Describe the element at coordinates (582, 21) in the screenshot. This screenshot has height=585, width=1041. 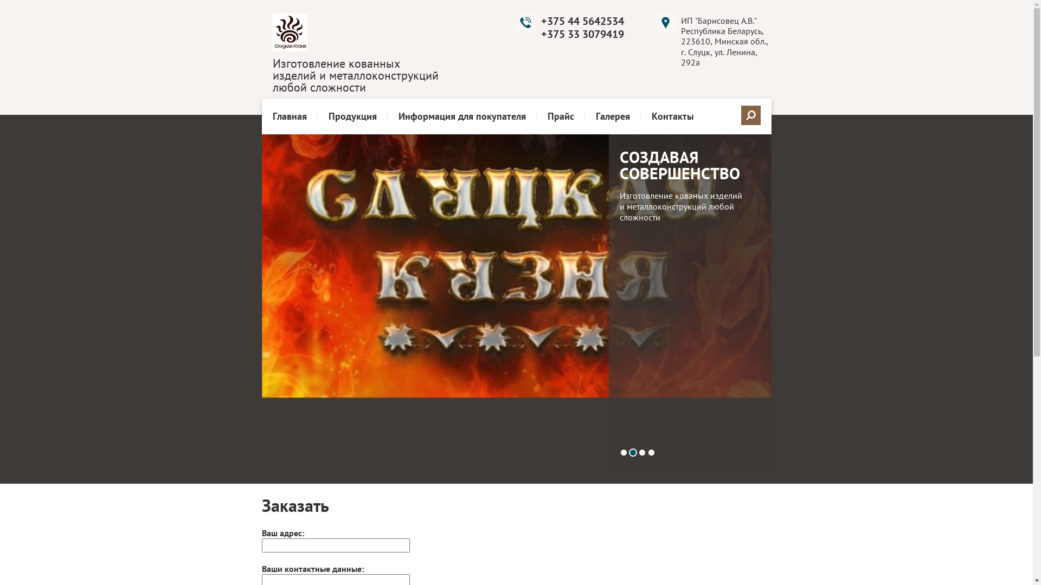
I see `'+375 44 5642534'` at that location.